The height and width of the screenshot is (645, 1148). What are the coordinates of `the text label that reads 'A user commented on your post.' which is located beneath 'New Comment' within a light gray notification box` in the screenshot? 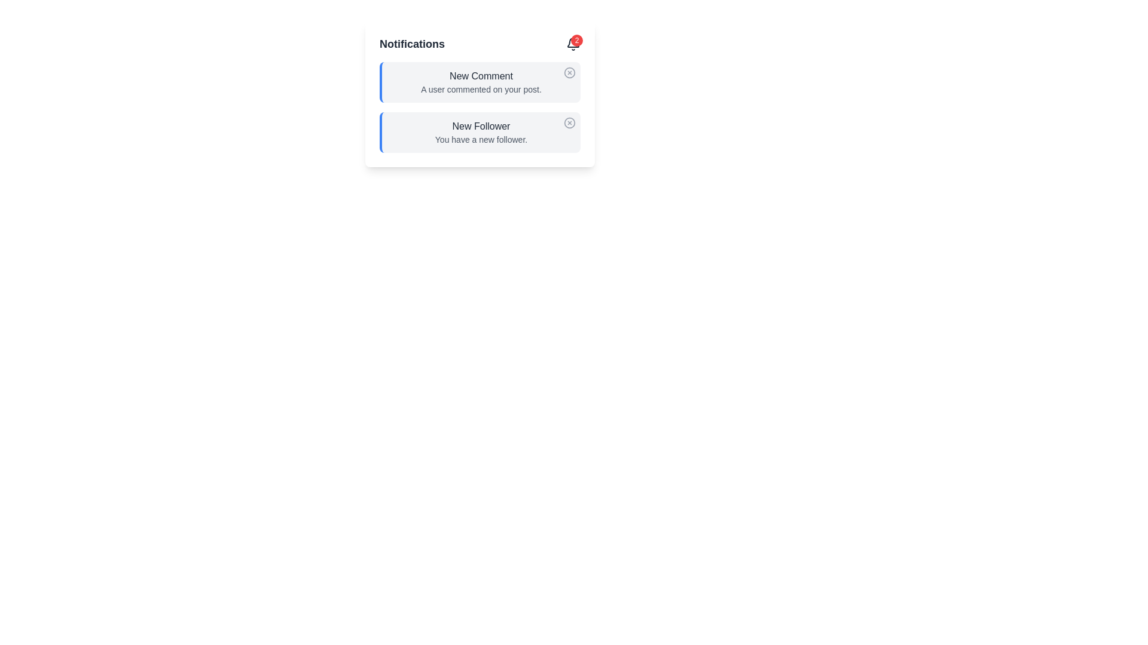 It's located at (481, 89).